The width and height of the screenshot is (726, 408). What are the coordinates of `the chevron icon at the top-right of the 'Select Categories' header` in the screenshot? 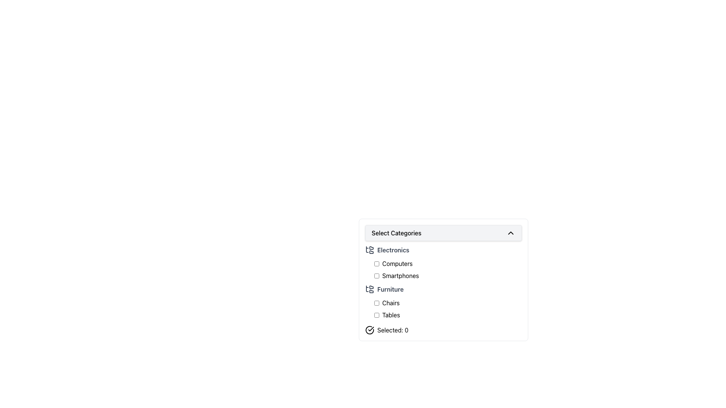 It's located at (510, 233).